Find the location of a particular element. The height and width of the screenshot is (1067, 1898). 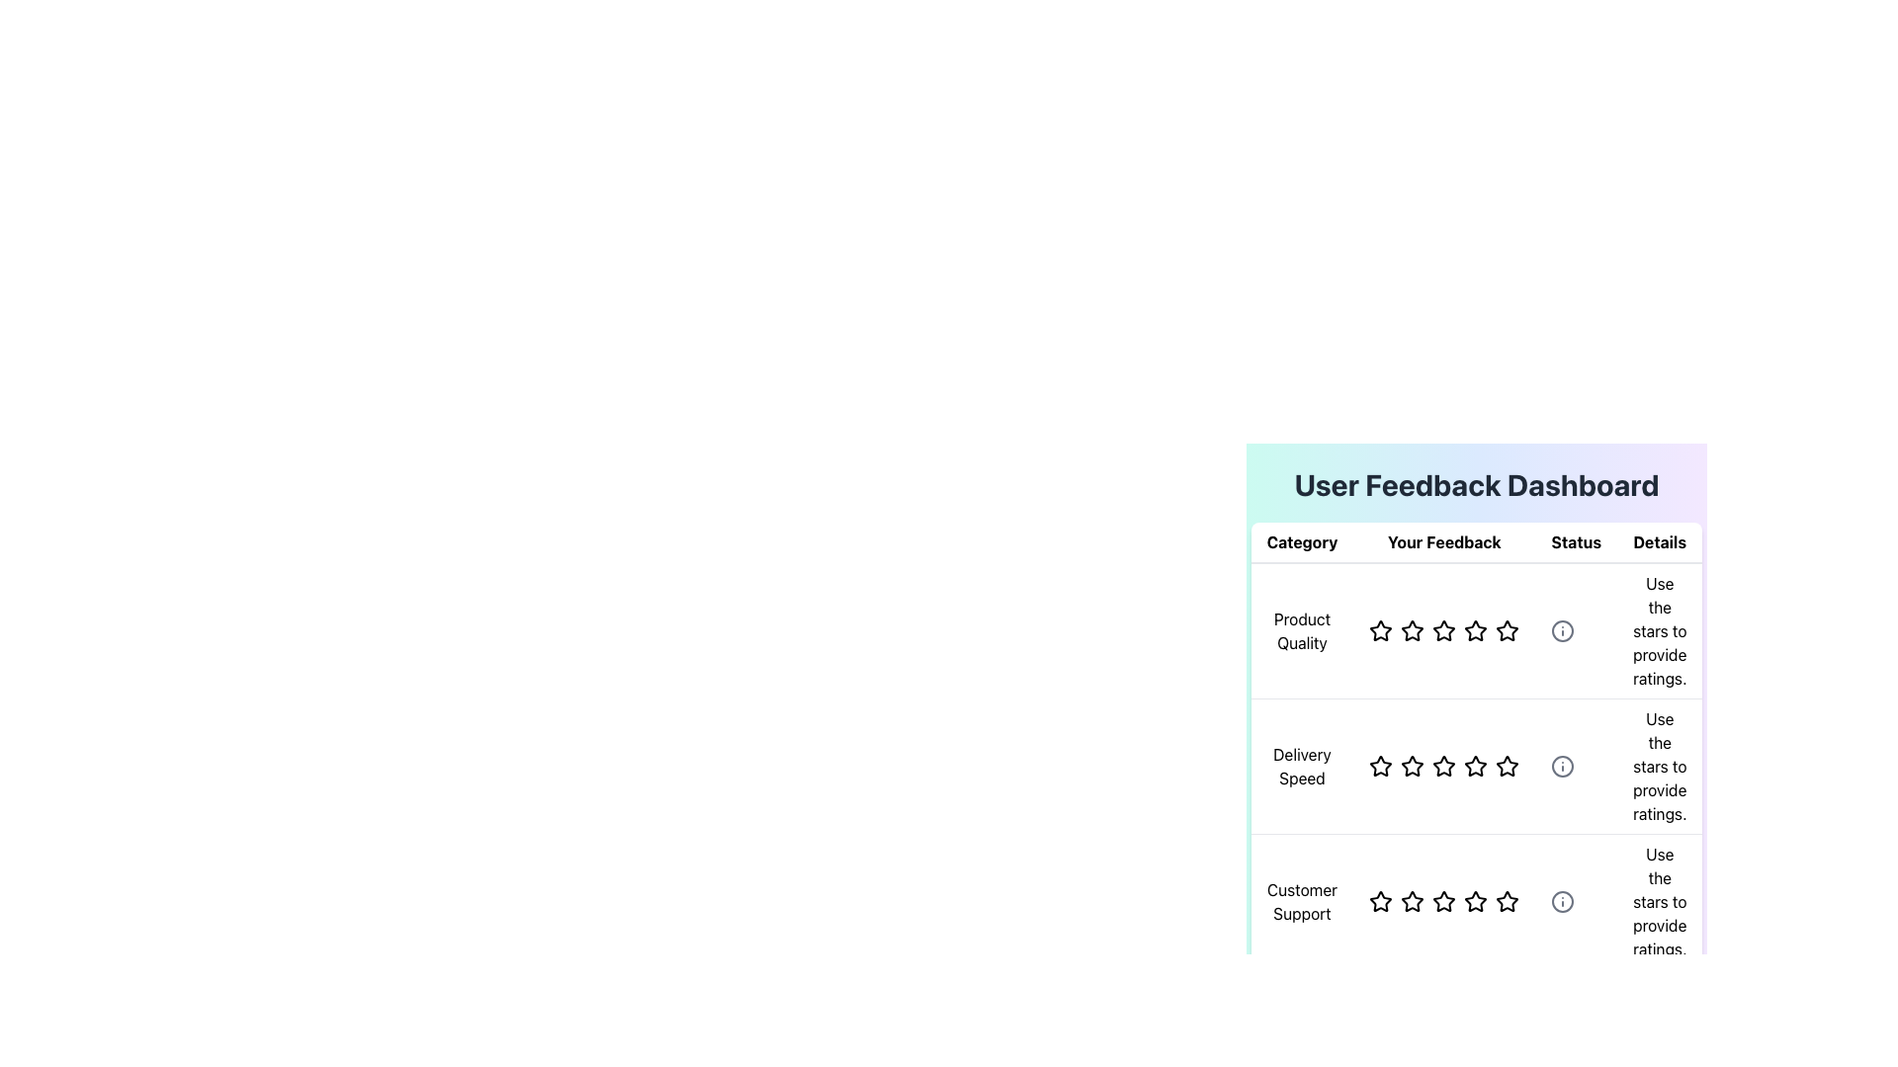

the fifth star icon from the interactive star rating section in the 'User Feedback Dashboard' is located at coordinates (1507, 765).